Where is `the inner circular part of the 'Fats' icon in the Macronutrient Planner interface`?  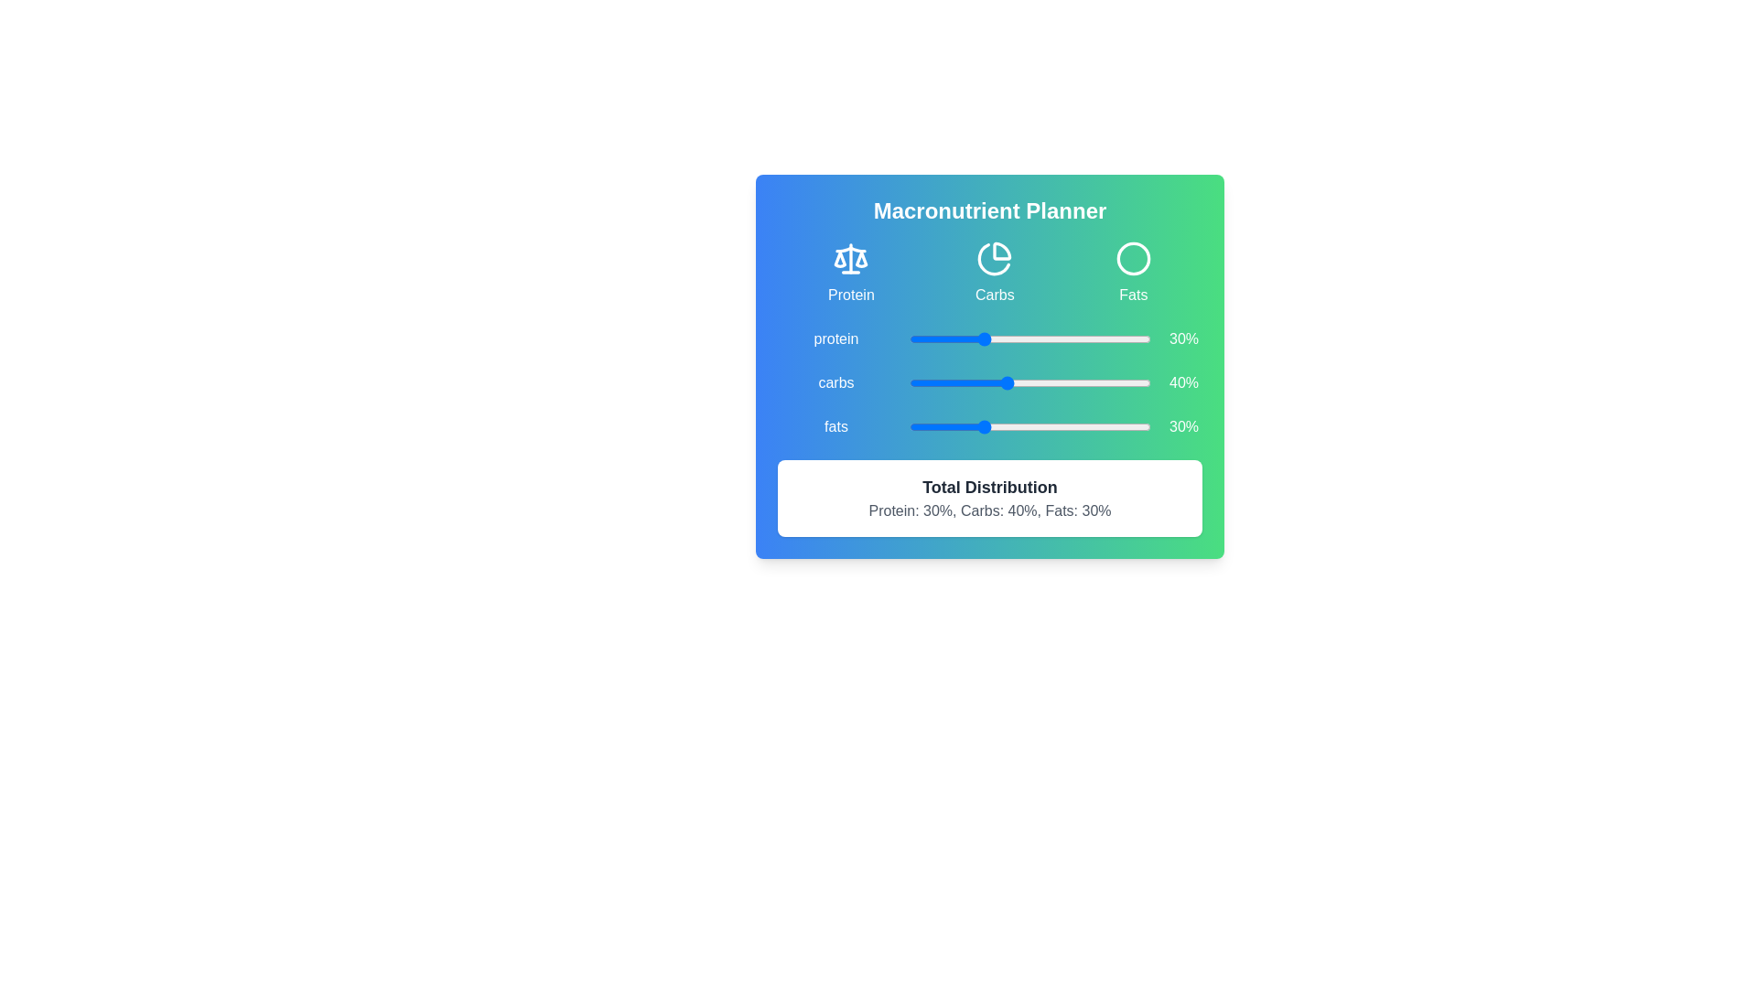 the inner circular part of the 'Fats' icon in the Macronutrient Planner interface is located at coordinates (1132, 258).